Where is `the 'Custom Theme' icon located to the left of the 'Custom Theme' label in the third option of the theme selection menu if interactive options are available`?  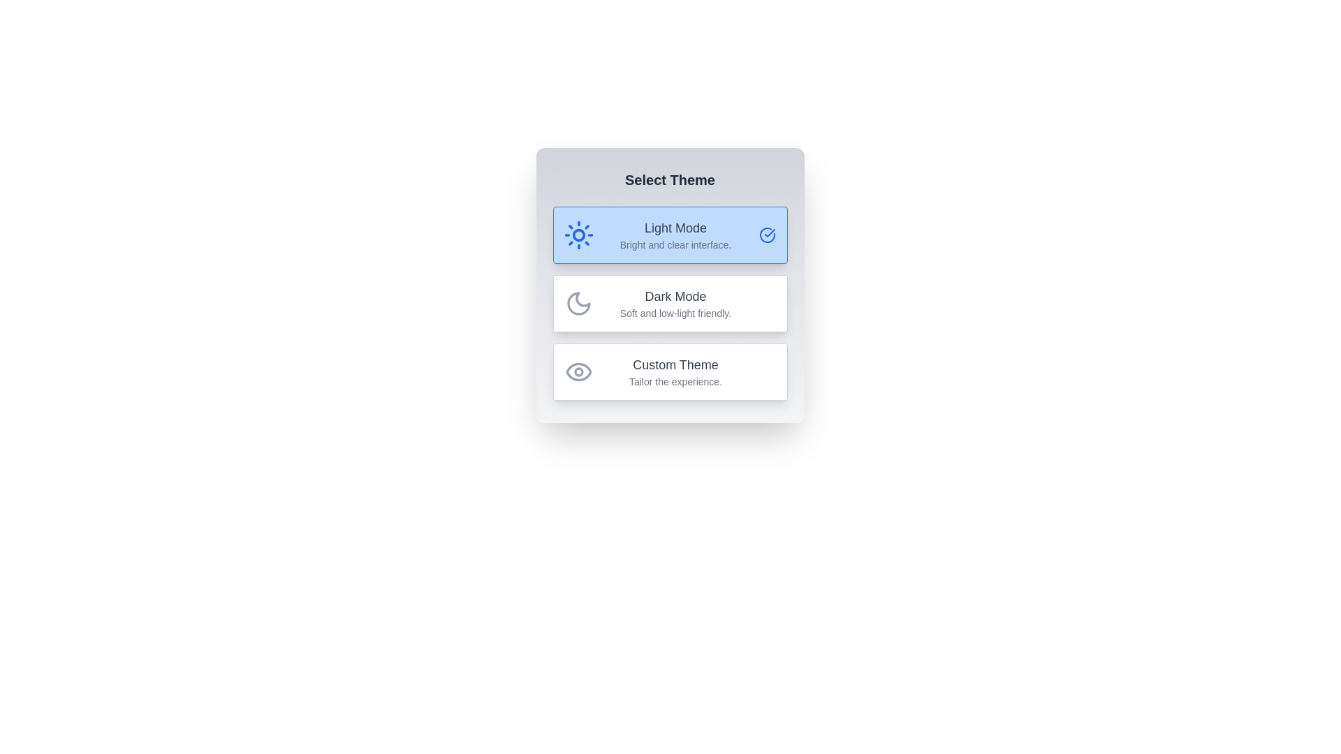
the 'Custom Theme' icon located to the left of the 'Custom Theme' label in the third option of the theme selection menu if interactive options are available is located at coordinates (578, 371).